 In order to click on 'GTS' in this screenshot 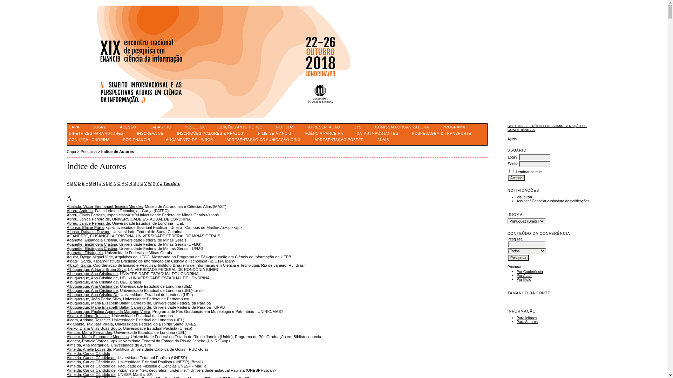, I will do `click(358, 127)`.